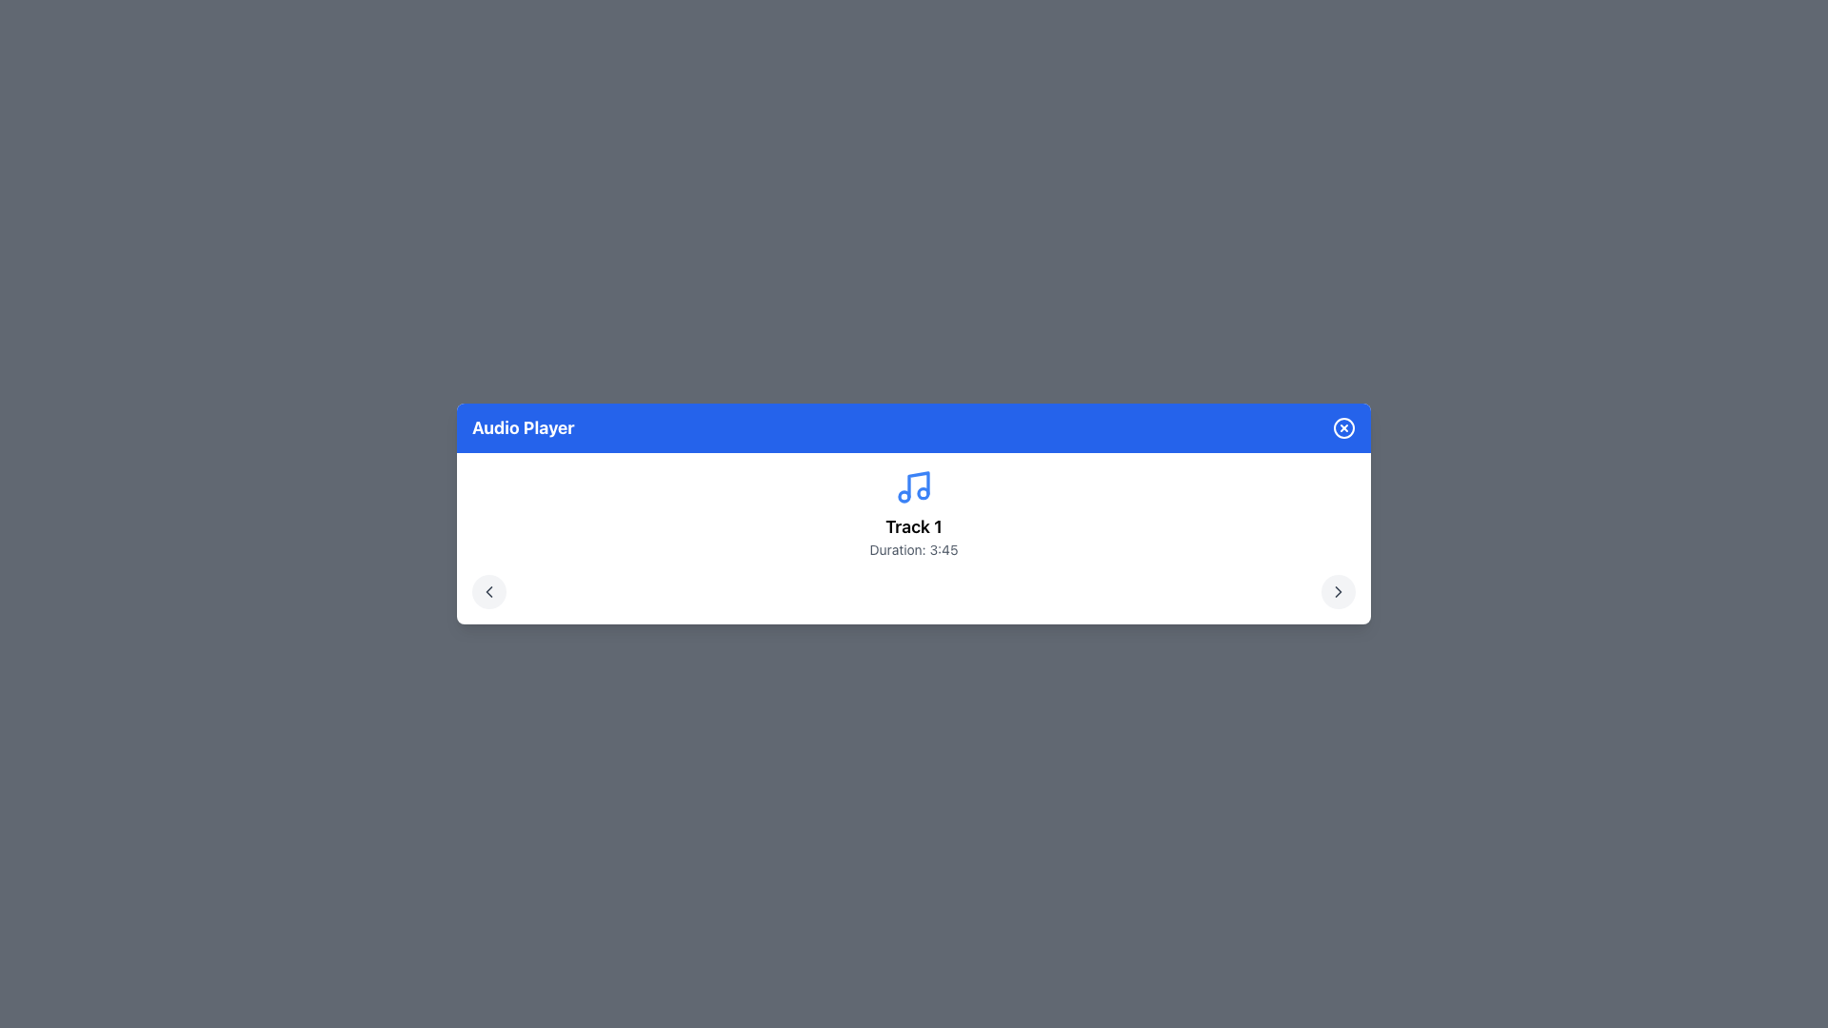  What do you see at coordinates (488, 590) in the screenshot?
I see `the backward navigation button located in the bottom-left corner of the navigation section` at bounding box center [488, 590].